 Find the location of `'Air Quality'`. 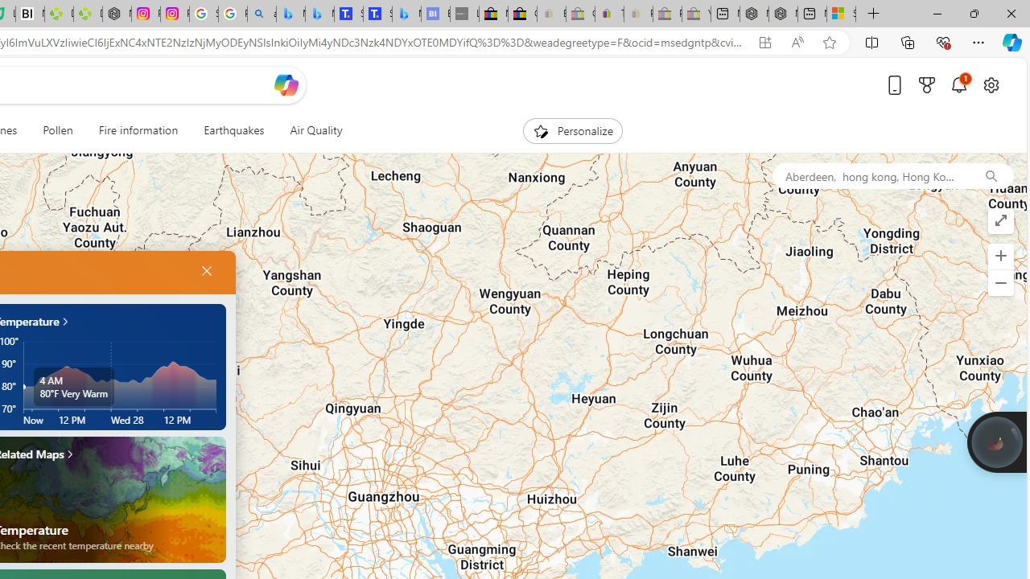

'Air Quality' is located at coordinates (315, 130).